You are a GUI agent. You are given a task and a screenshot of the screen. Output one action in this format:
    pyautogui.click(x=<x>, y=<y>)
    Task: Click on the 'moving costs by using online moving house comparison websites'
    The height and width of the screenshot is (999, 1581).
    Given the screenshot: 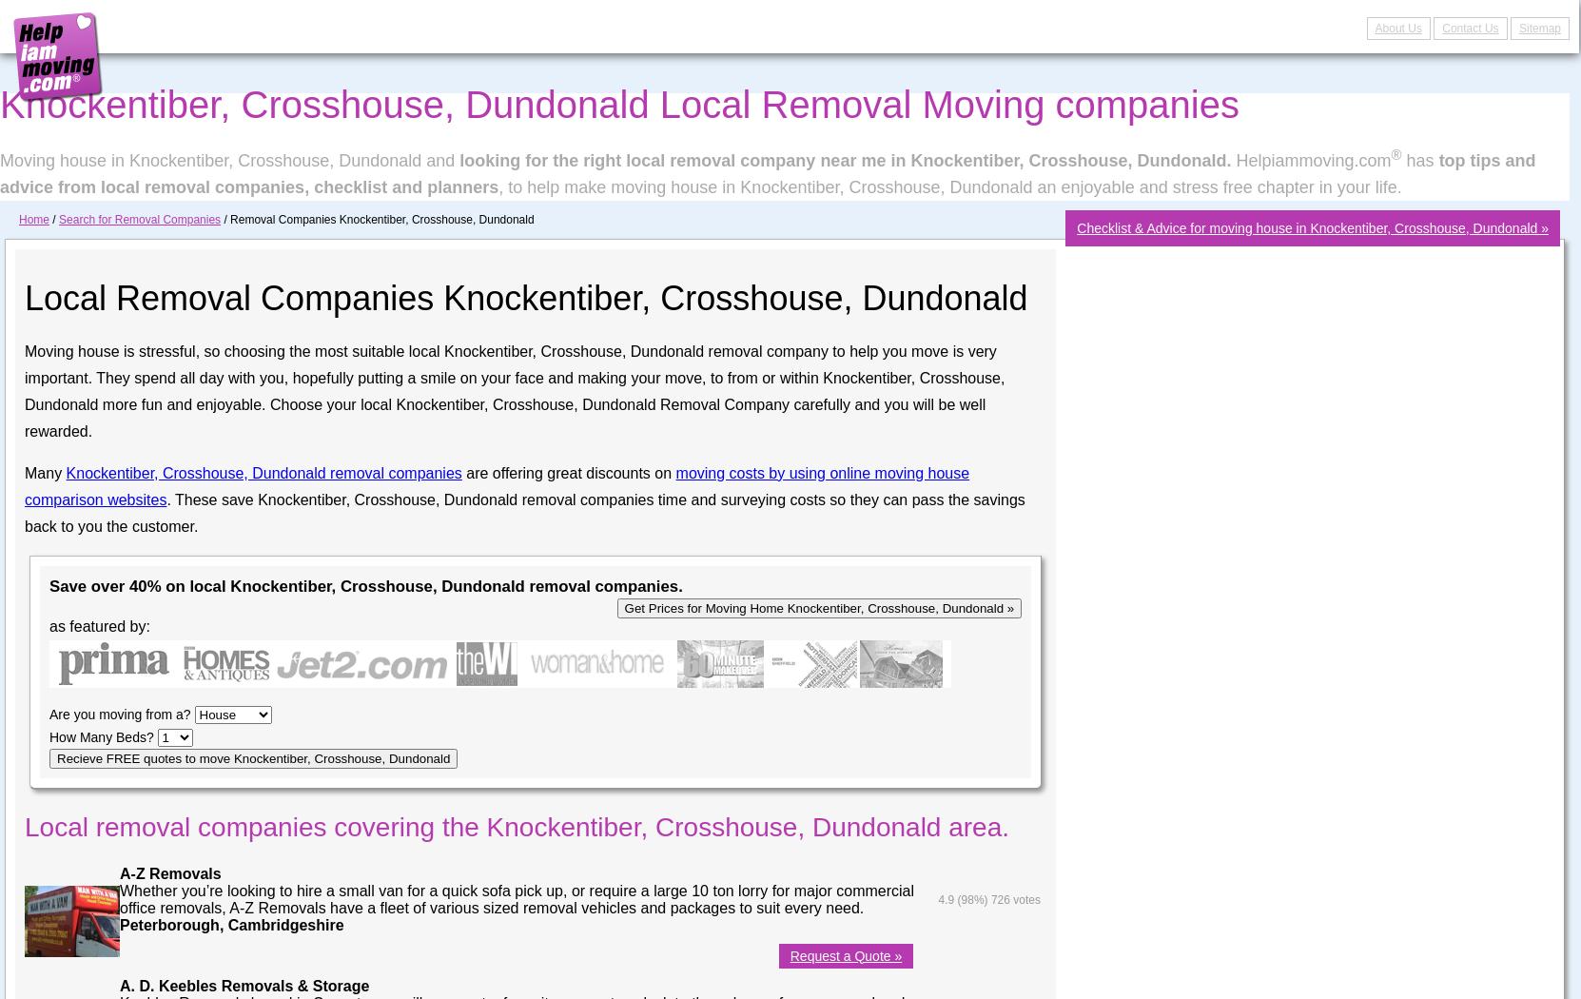 What is the action you would take?
    pyautogui.click(x=496, y=484)
    